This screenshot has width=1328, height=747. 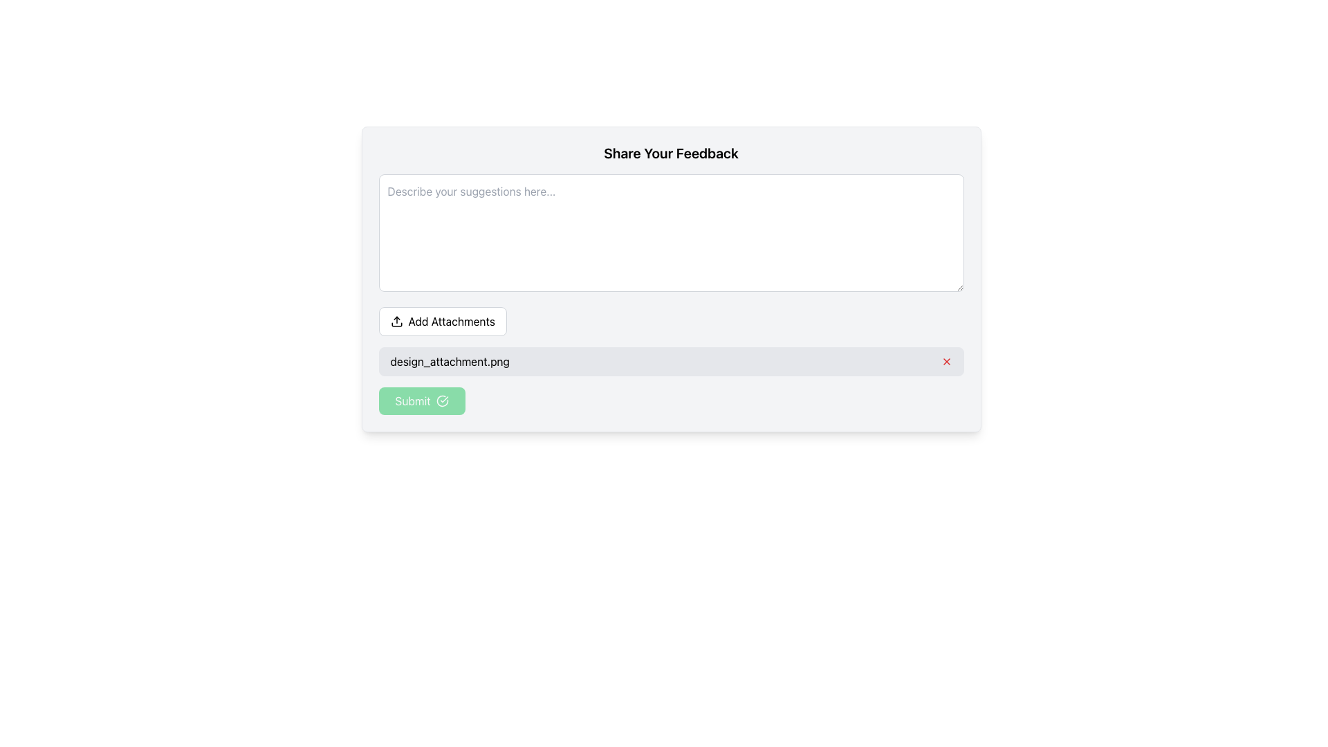 What do you see at coordinates (671, 232) in the screenshot?
I see `the placeholder text or any entered text in the Multiline Text Input located in the 'Share Your Feedback' section, positioned below the header and above the 'Add Attachments' button` at bounding box center [671, 232].